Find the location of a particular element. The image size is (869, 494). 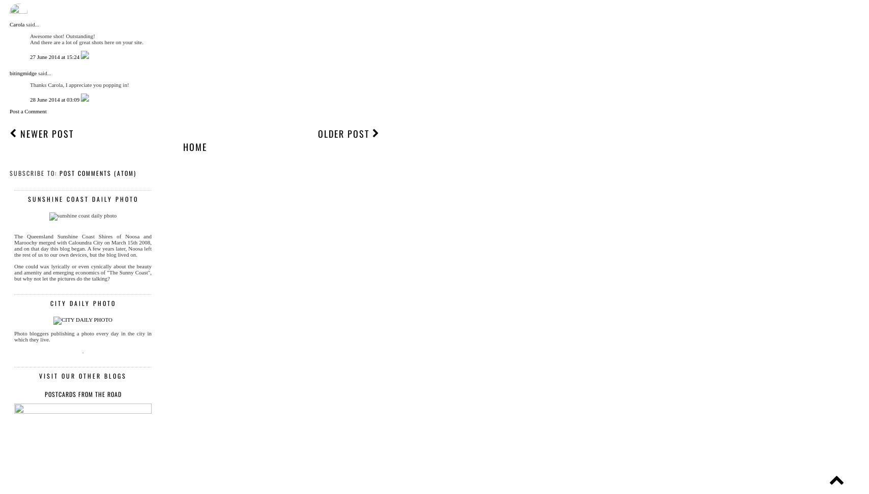

'bitingmidge' is located at coordinates (23, 73).